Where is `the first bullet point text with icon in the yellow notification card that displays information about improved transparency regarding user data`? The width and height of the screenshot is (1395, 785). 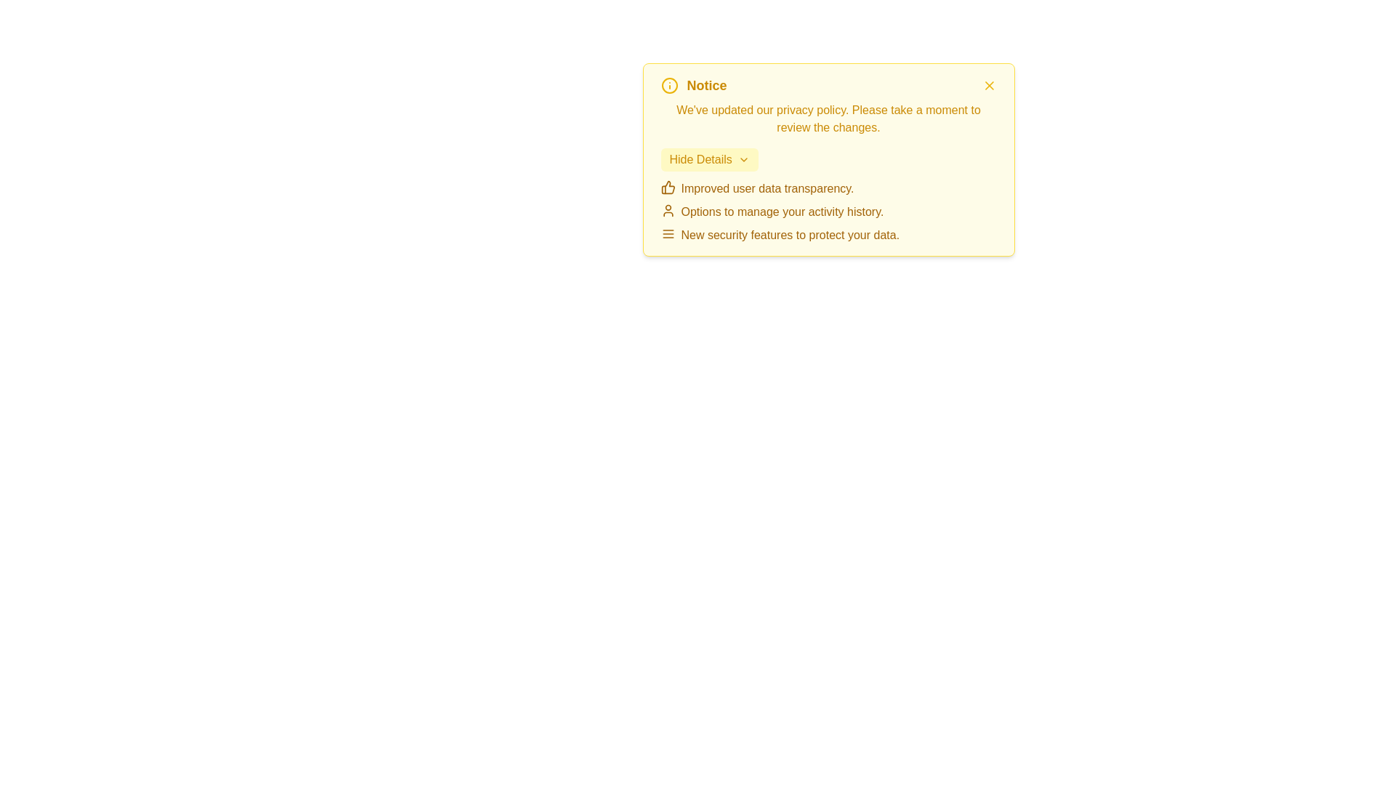
the first bullet point text with icon in the yellow notification card that displays information about improved transparency regarding user data is located at coordinates (828, 188).